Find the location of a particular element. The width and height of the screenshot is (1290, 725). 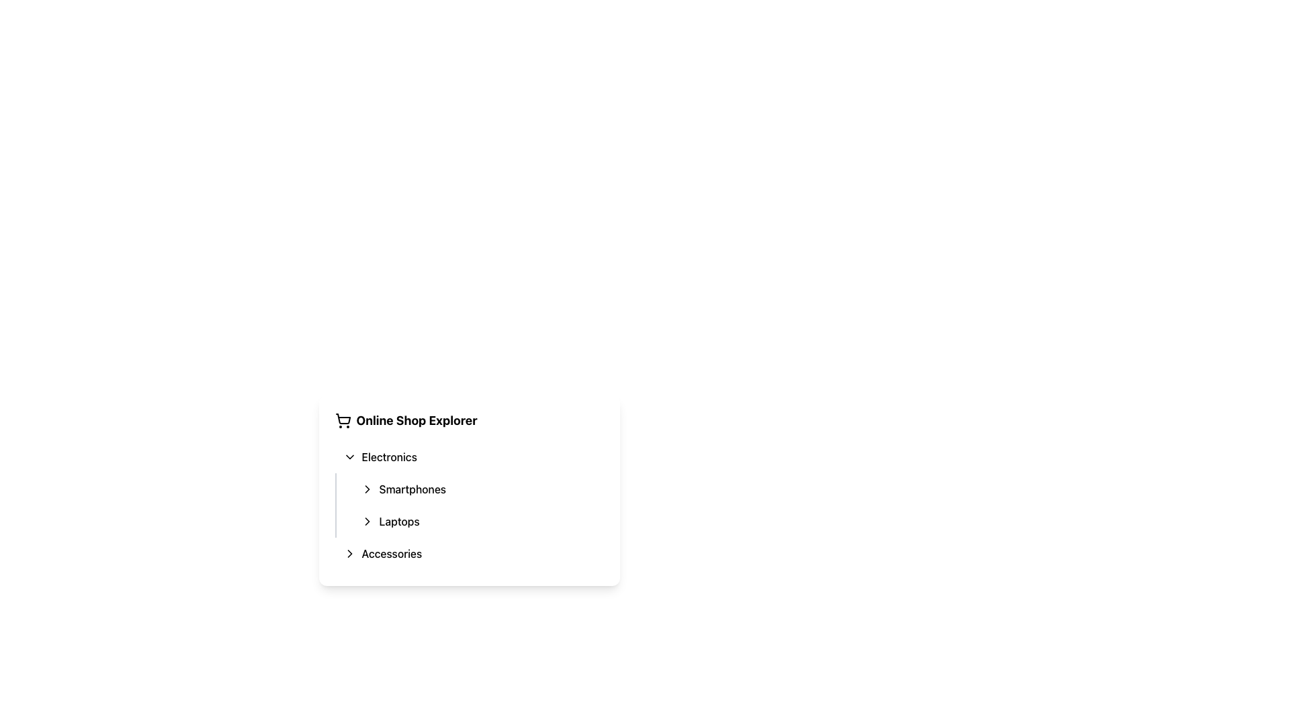

the right-pointing chevron icon for collapsing/expanding the 'Laptops' menu in the Online Shop Explorer is located at coordinates (367, 489).